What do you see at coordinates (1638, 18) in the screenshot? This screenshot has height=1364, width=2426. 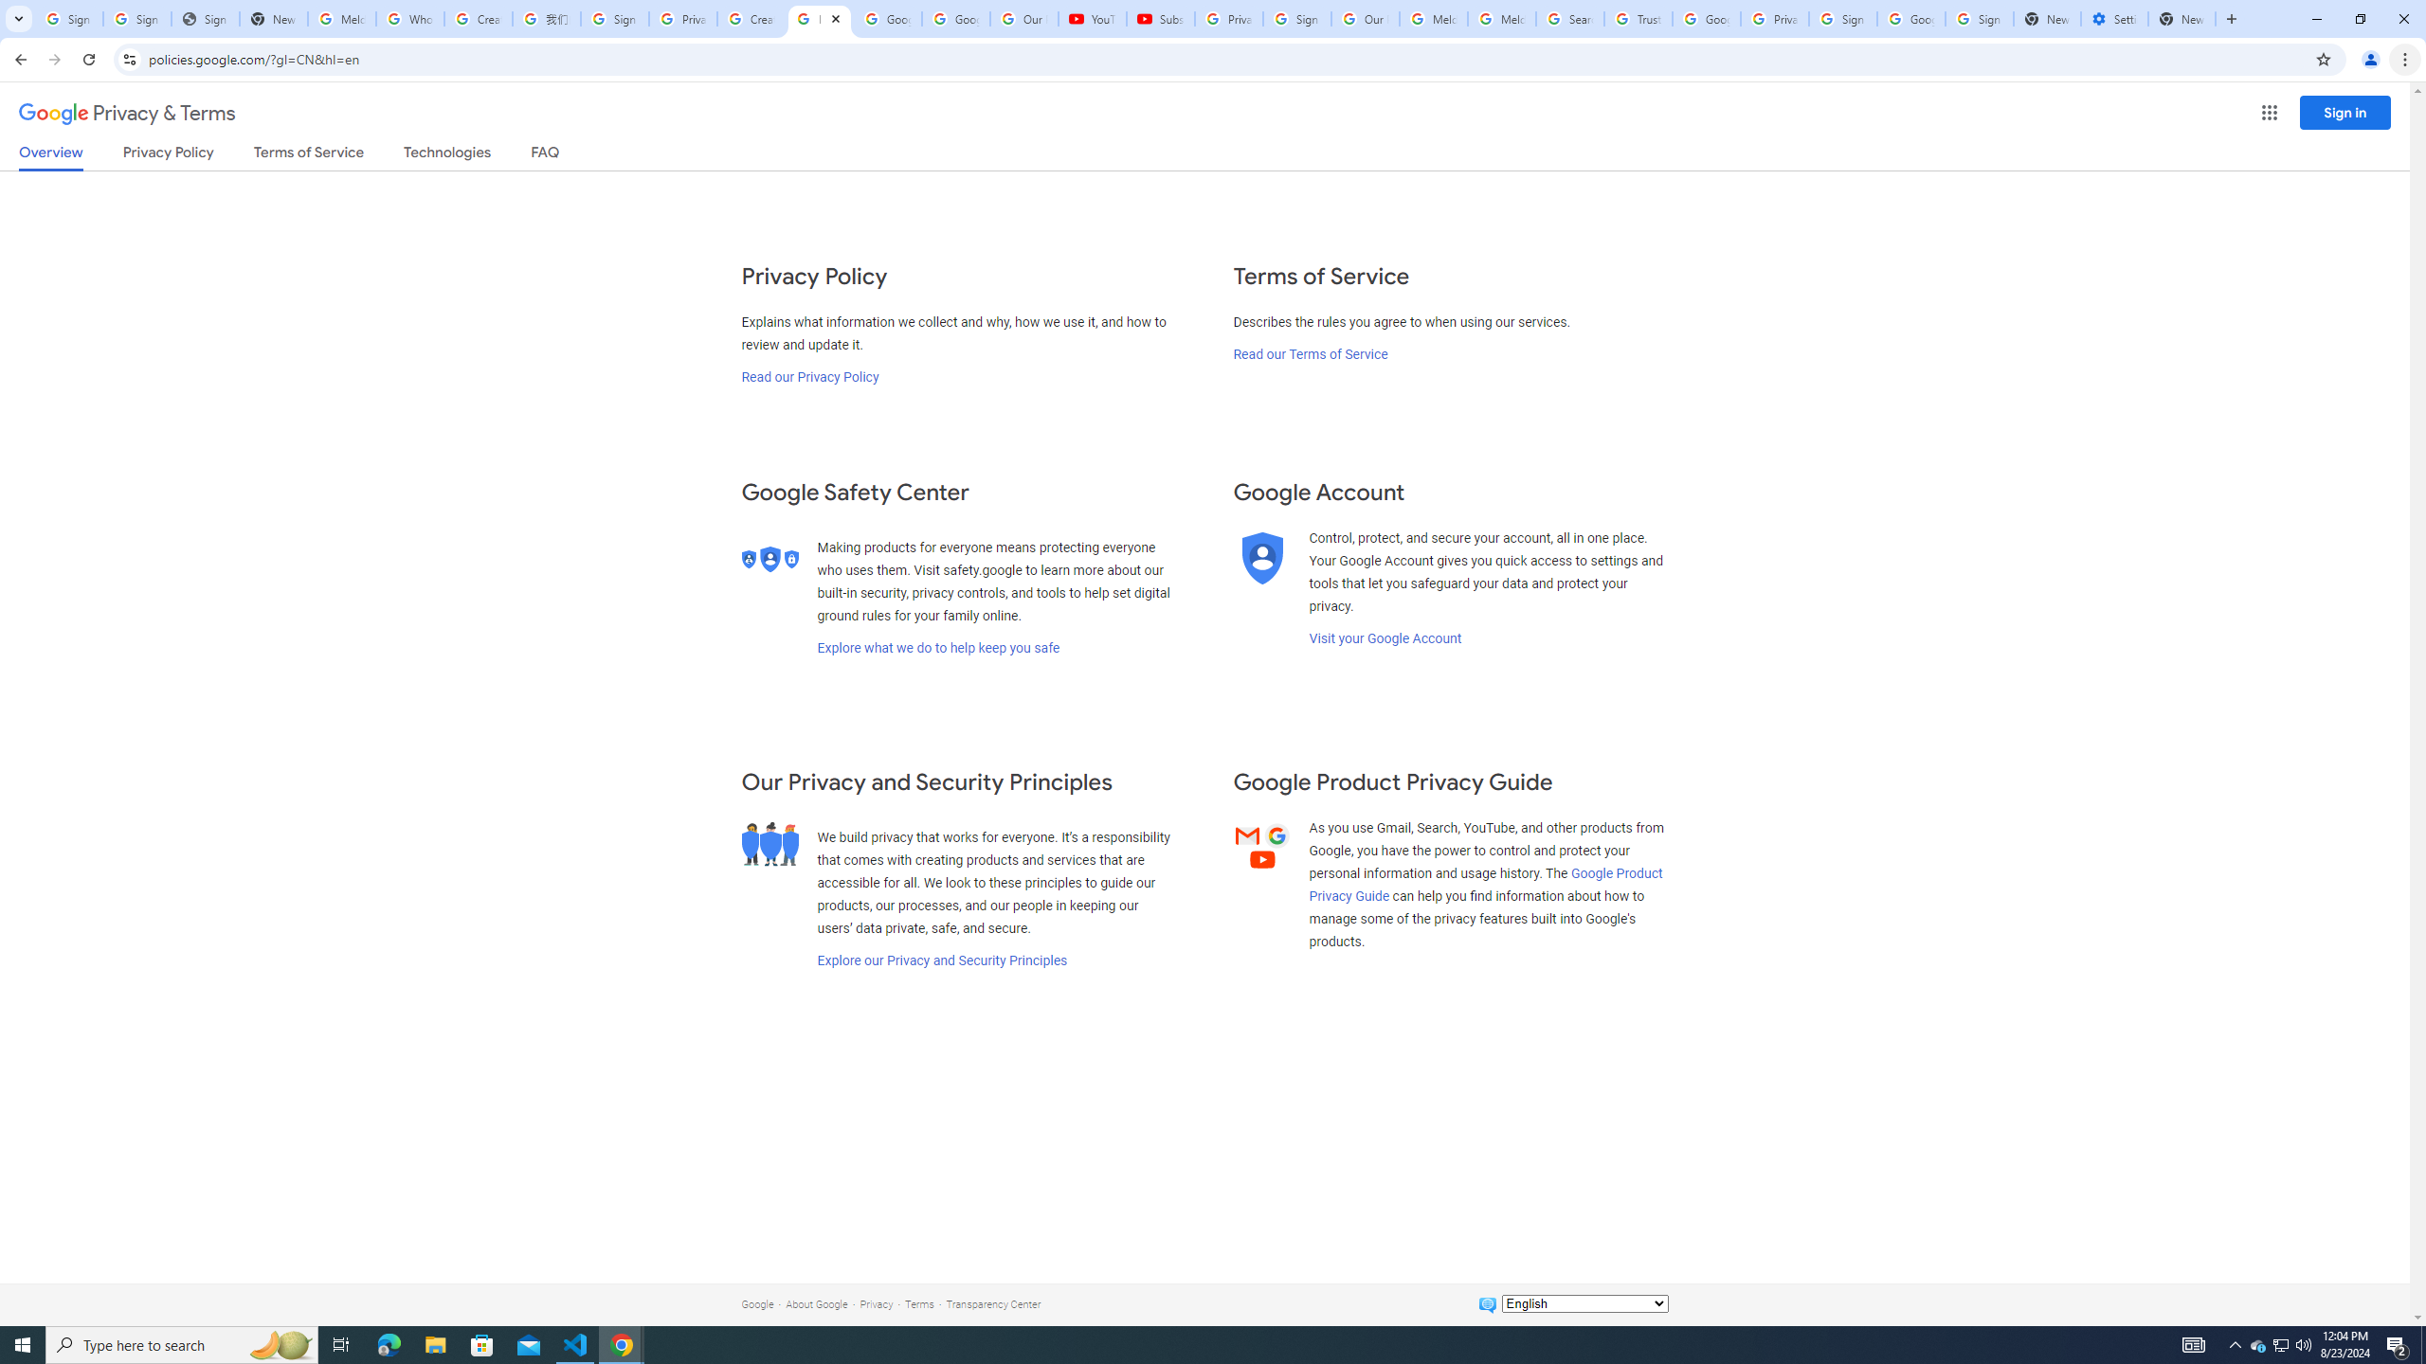 I see `'Trusted Information and Content - Google Safety Center'` at bounding box center [1638, 18].